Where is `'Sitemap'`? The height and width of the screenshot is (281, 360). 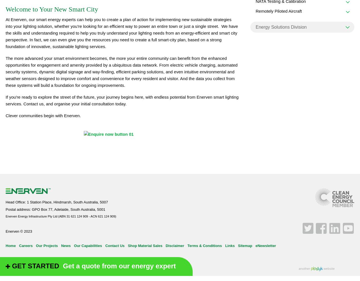
'Sitemap' is located at coordinates (245, 245).